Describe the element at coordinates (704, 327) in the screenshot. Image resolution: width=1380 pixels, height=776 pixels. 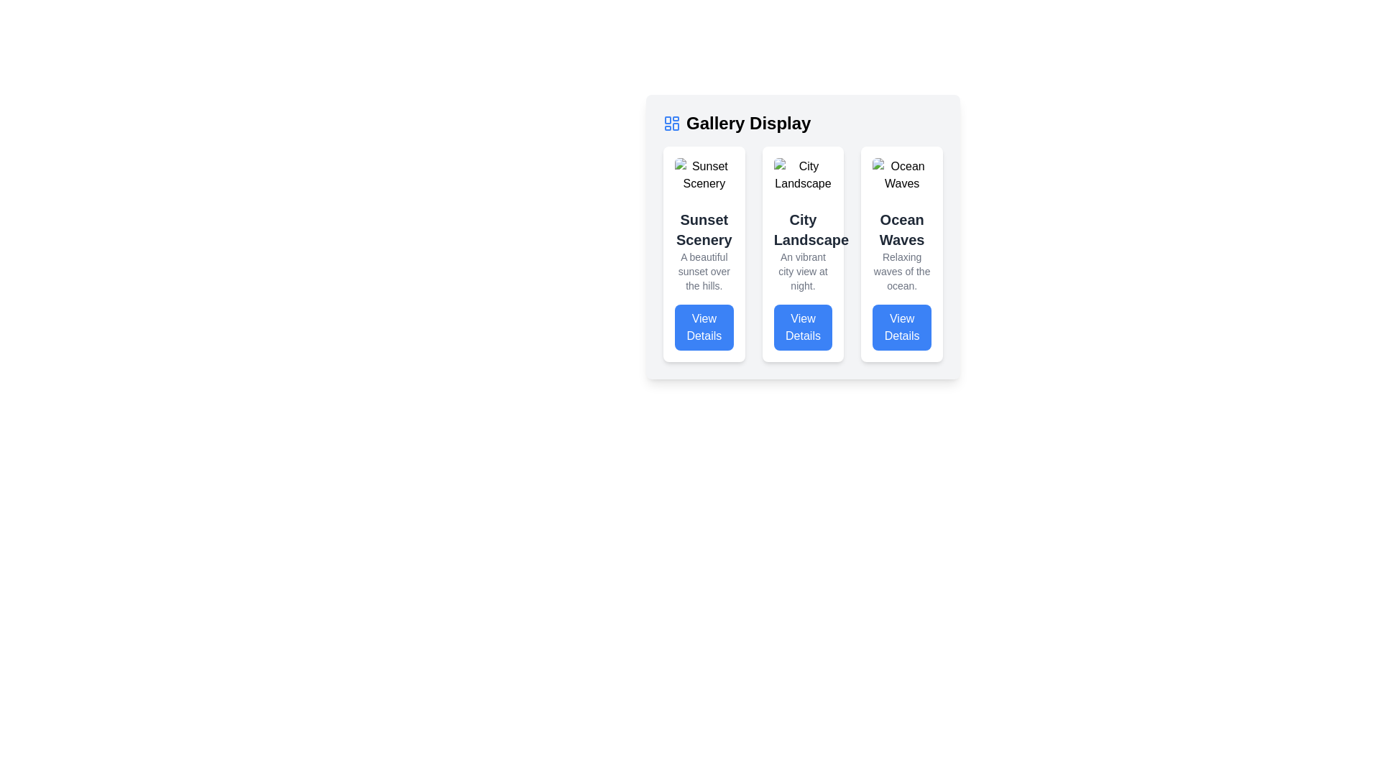
I see `the rounded rectangular button with a blue background and white text reading 'View Details'` at that location.